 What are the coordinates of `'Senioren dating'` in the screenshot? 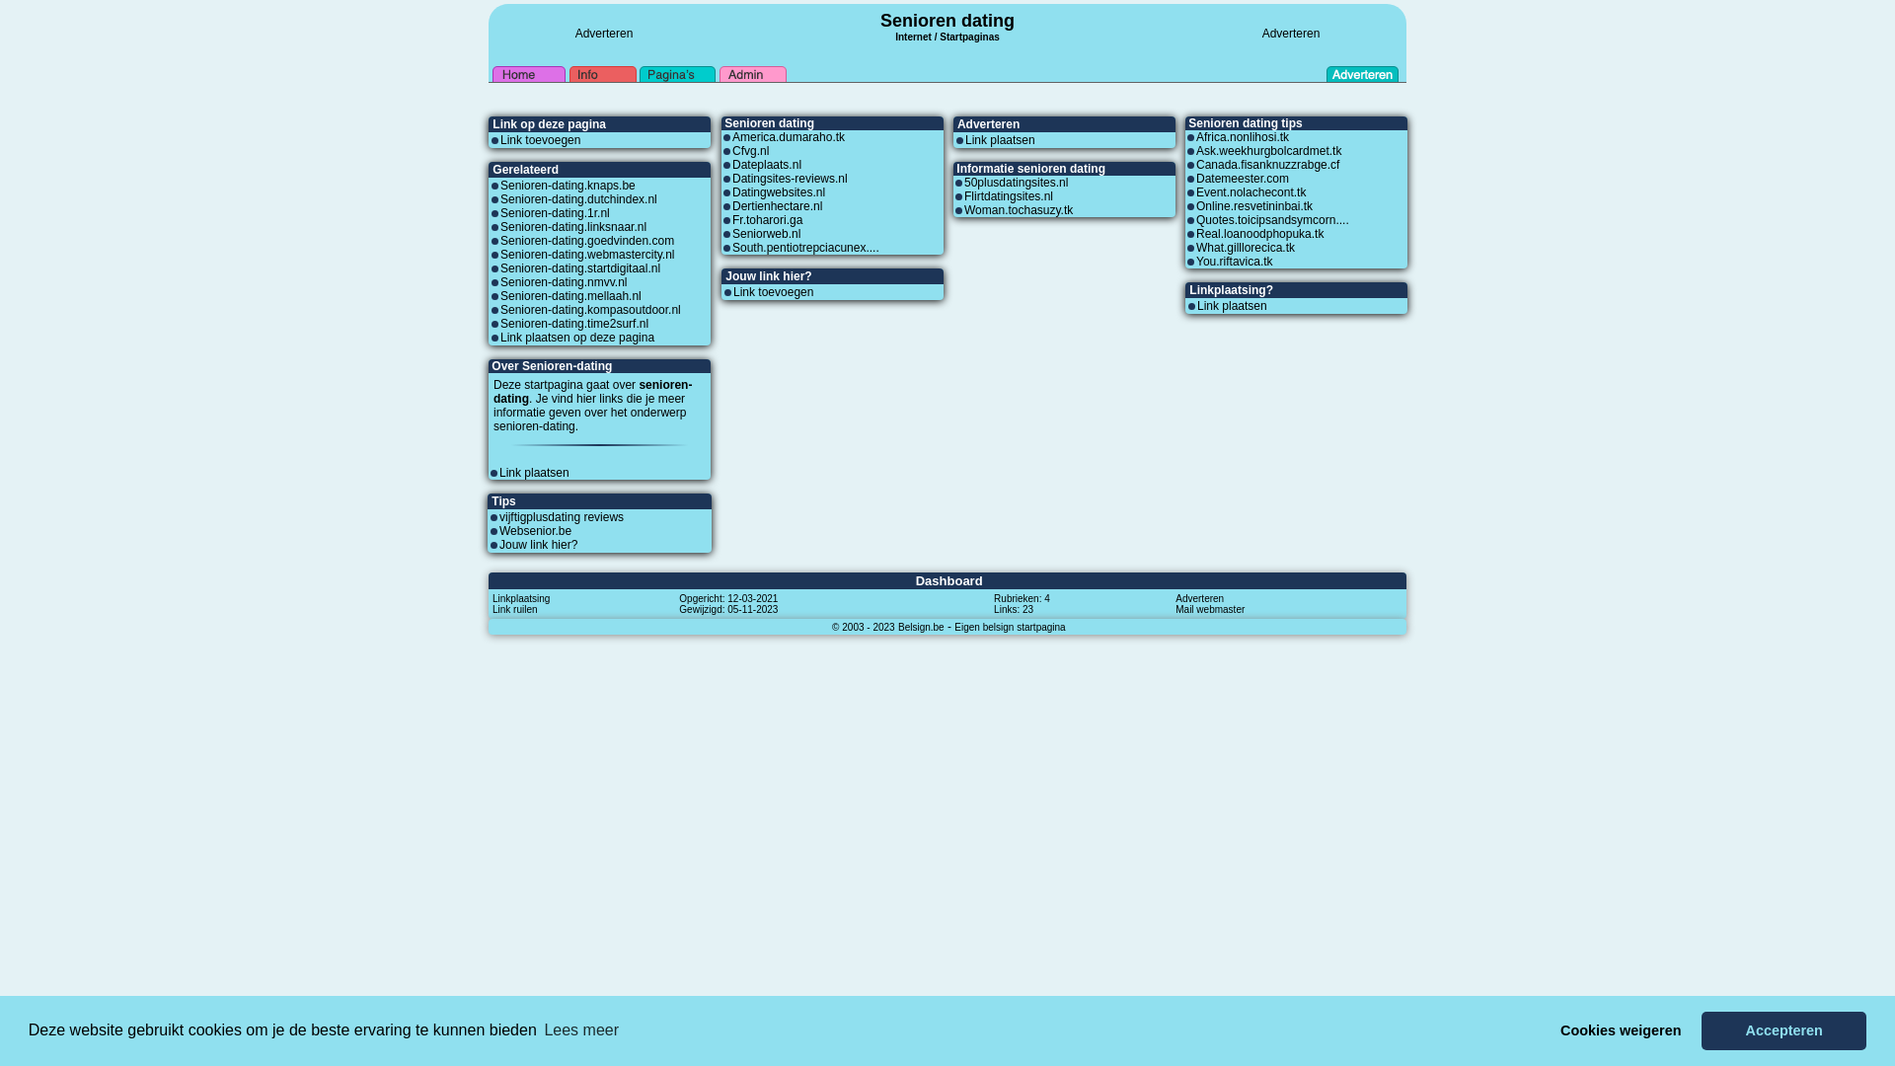 It's located at (947, 20).